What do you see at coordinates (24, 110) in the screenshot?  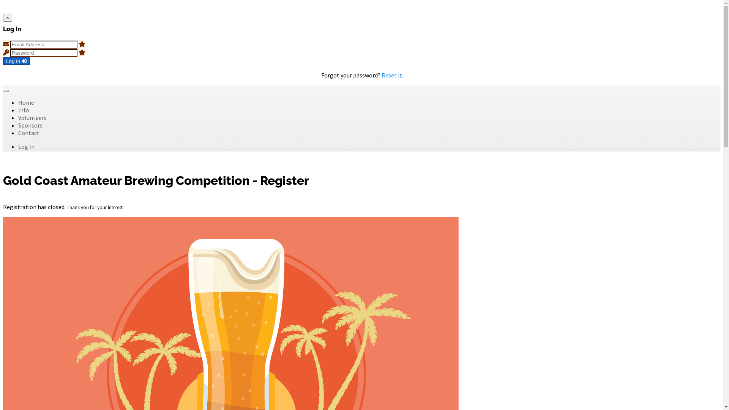 I see `'Info'` at bounding box center [24, 110].